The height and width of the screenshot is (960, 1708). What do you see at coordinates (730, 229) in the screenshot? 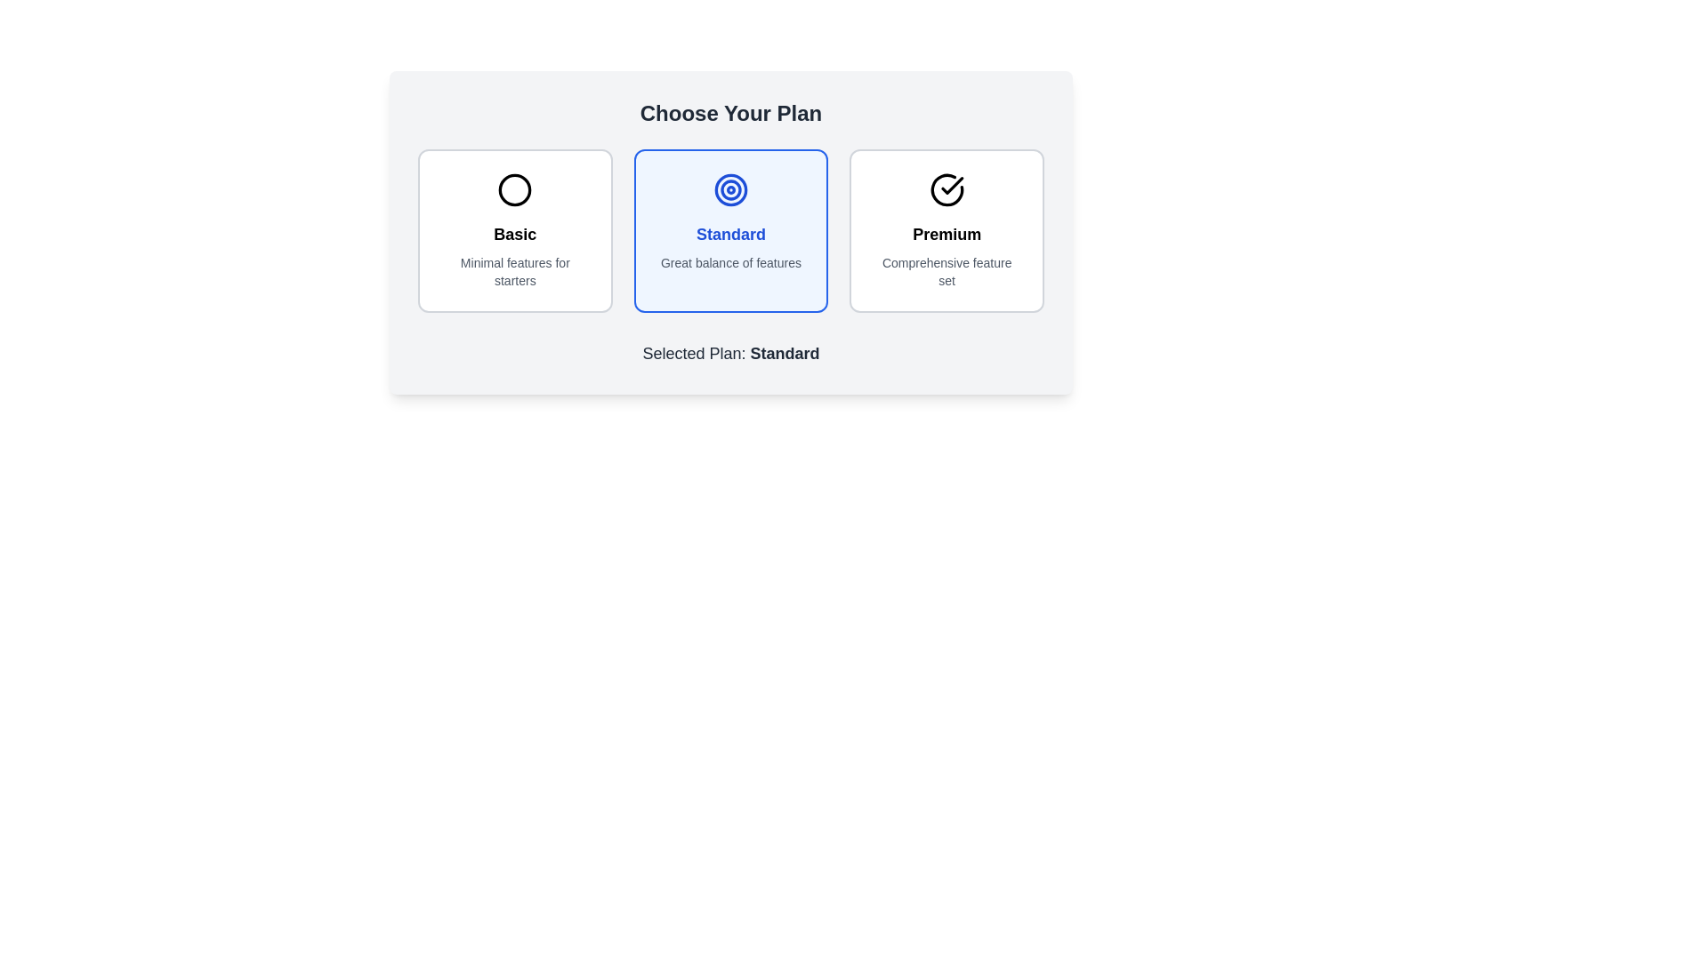
I see `the centrally highlighted plan option in the 'Choose Your Plan' grid layout` at bounding box center [730, 229].